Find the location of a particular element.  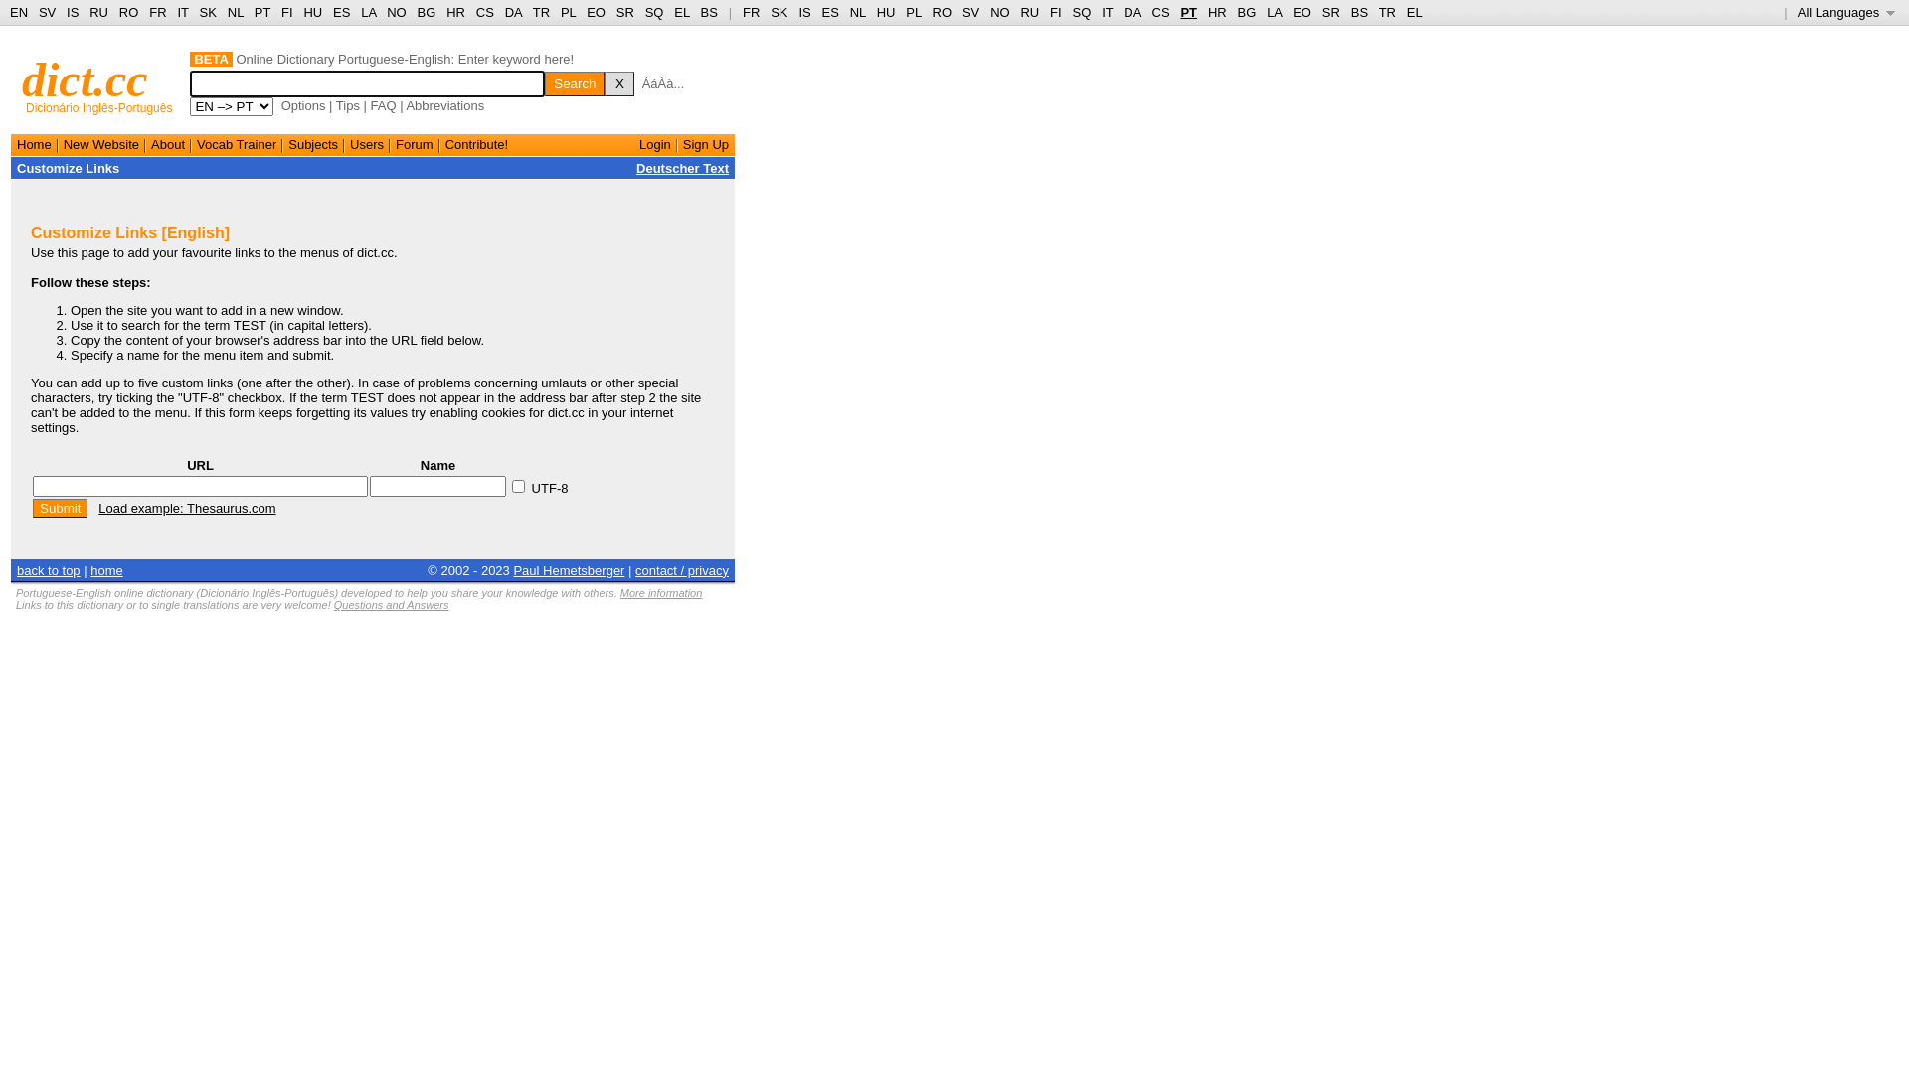

'Abbreviations' is located at coordinates (443, 105).